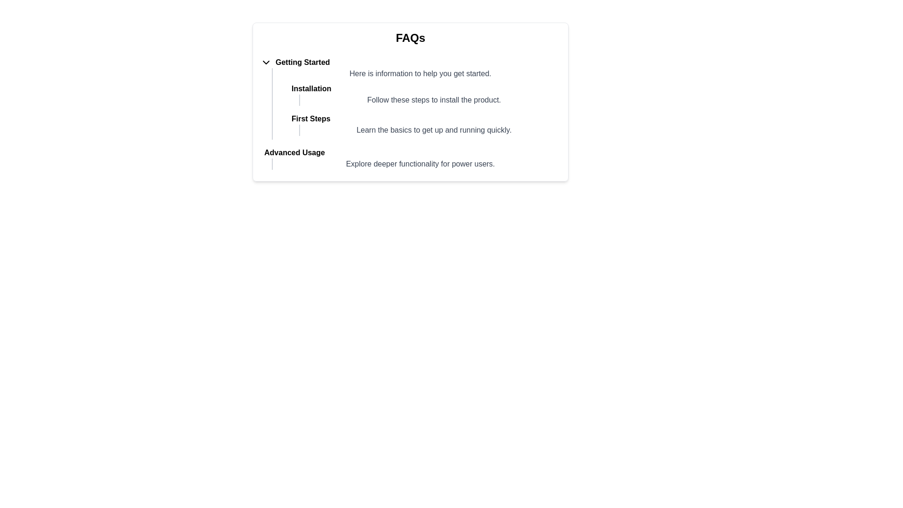 The height and width of the screenshot is (508, 903). What do you see at coordinates (302, 62) in the screenshot?
I see `the text label for the 'Getting Started' section in the FAQ interface` at bounding box center [302, 62].